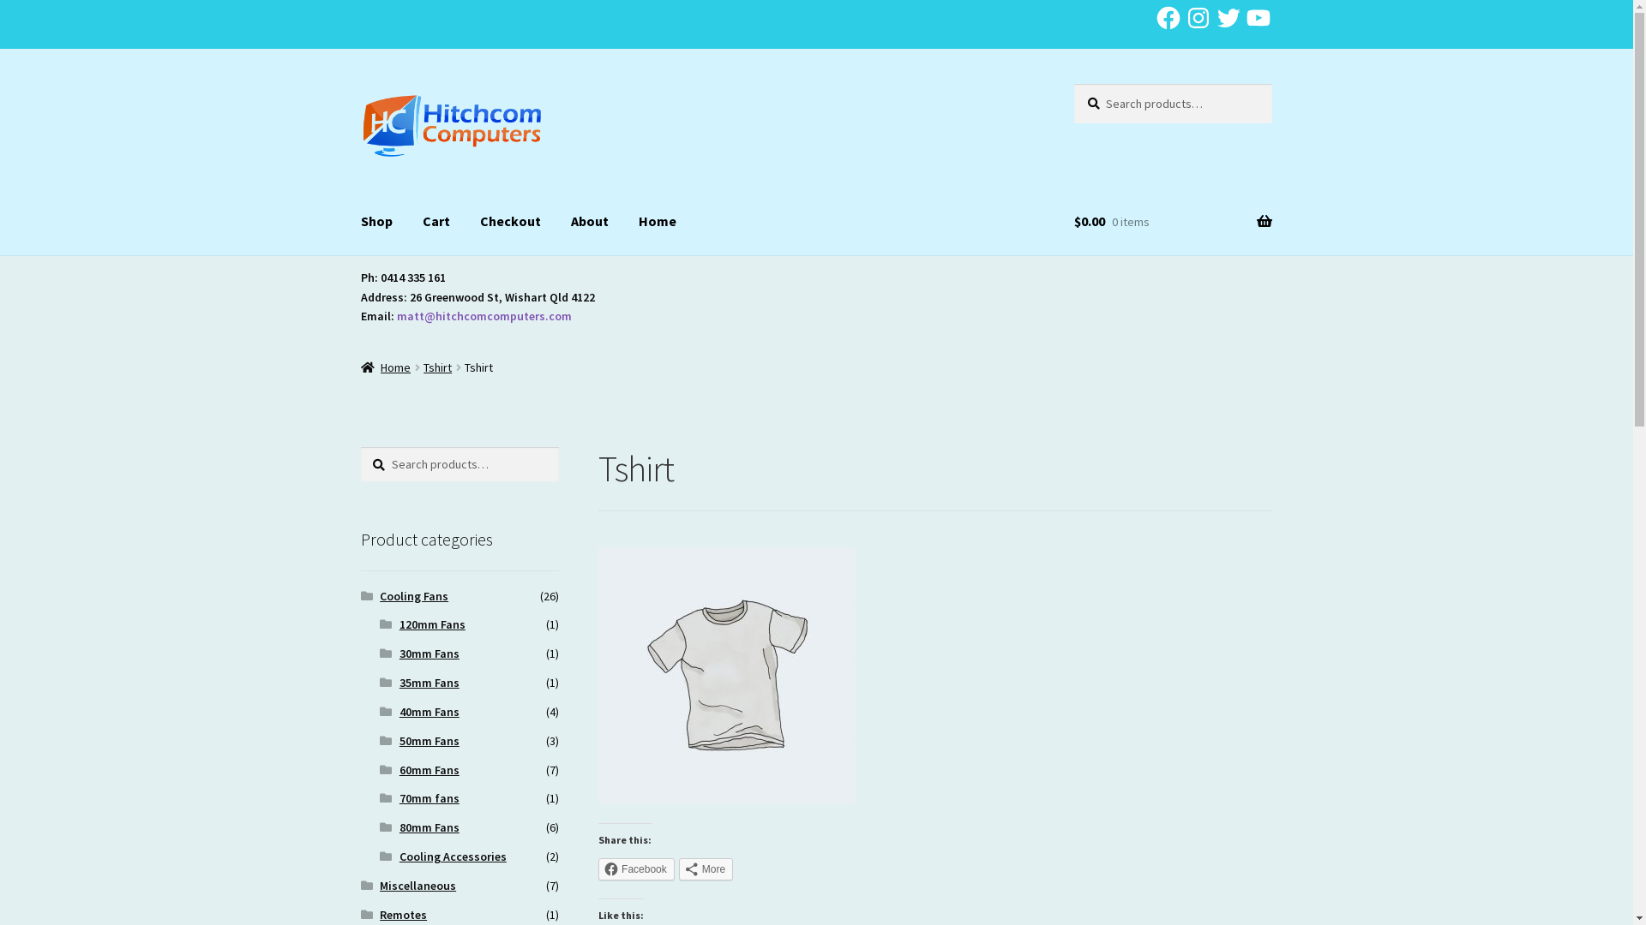  I want to click on 'YouTube', so click(1259, 17).